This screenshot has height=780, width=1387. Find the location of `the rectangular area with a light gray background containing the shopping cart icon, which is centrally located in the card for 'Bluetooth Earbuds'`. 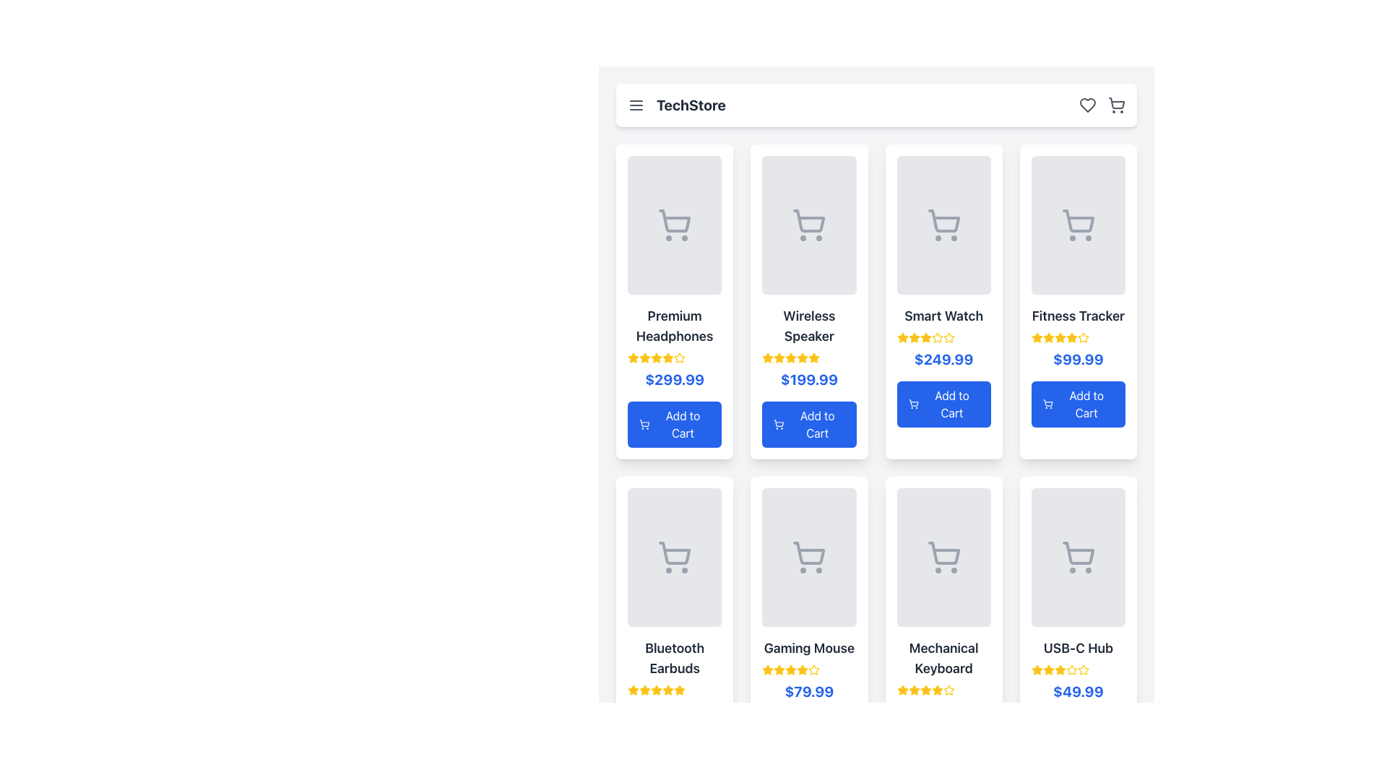

the rectangular area with a light gray background containing the shopping cart icon, which is centrally located in the card for 'Bluetooth Earbuds' is located at coordinates (674, 556).